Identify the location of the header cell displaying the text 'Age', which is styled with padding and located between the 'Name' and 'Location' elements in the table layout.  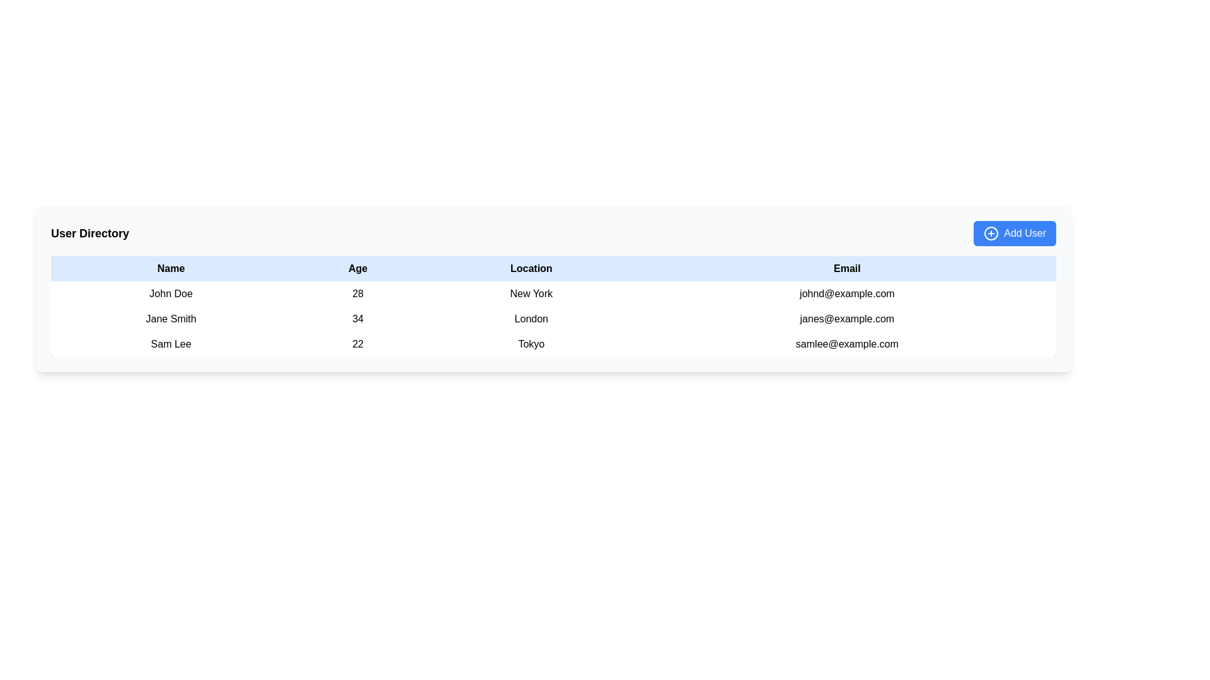
(357, 268).